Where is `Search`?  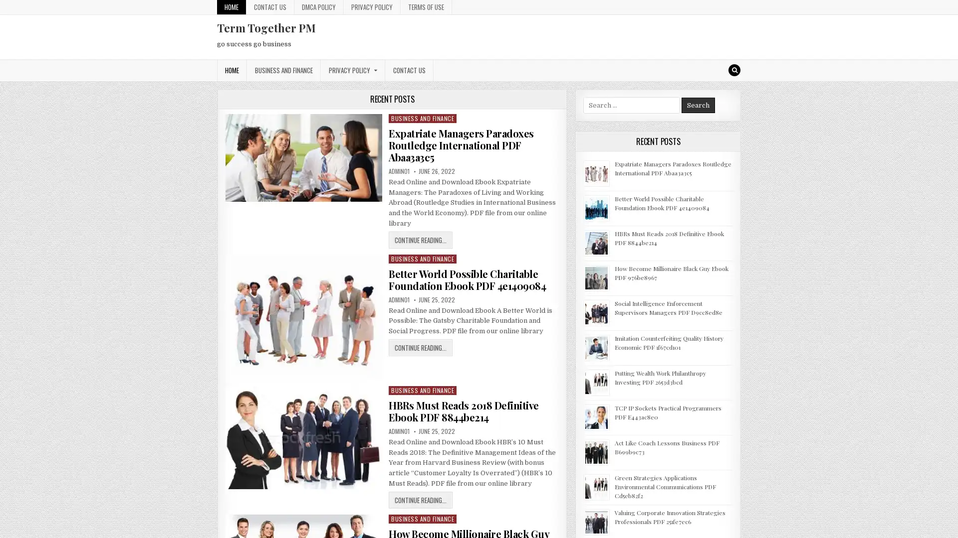 Search is located at coordinates (698, 105).